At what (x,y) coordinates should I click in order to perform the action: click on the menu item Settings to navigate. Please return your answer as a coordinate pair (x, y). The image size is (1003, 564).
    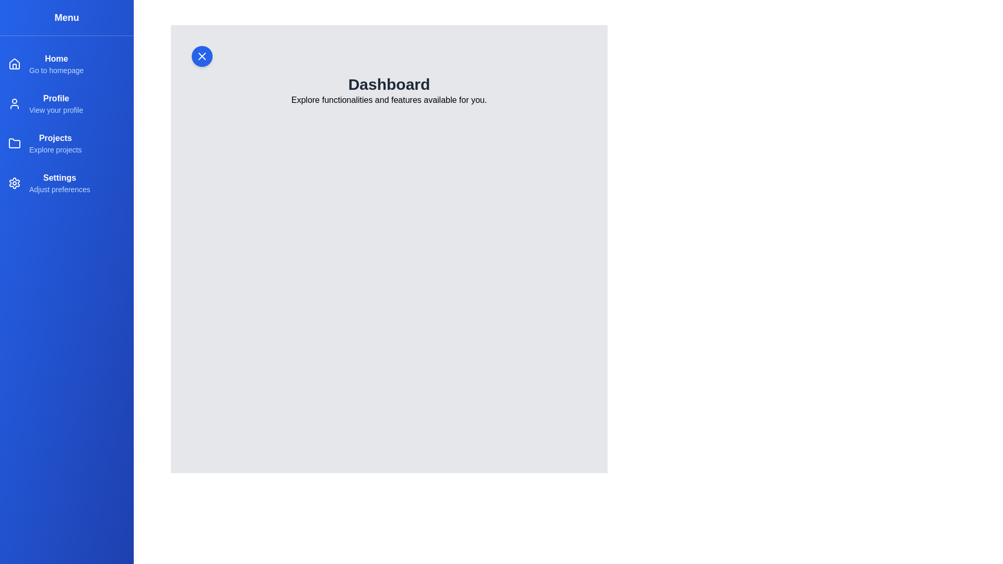
    Looking at the image, I should click on (59, 177).